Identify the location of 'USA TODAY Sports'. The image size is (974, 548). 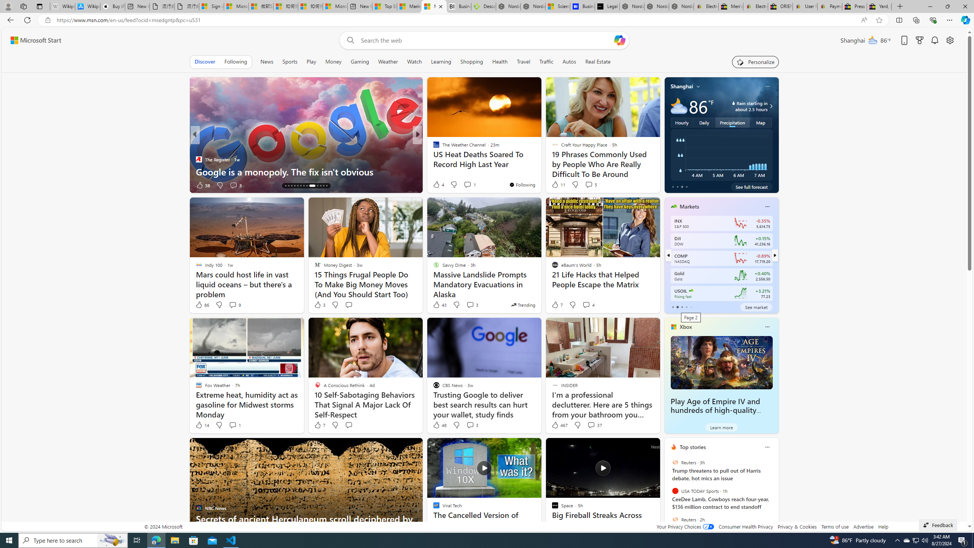
(675, 491).